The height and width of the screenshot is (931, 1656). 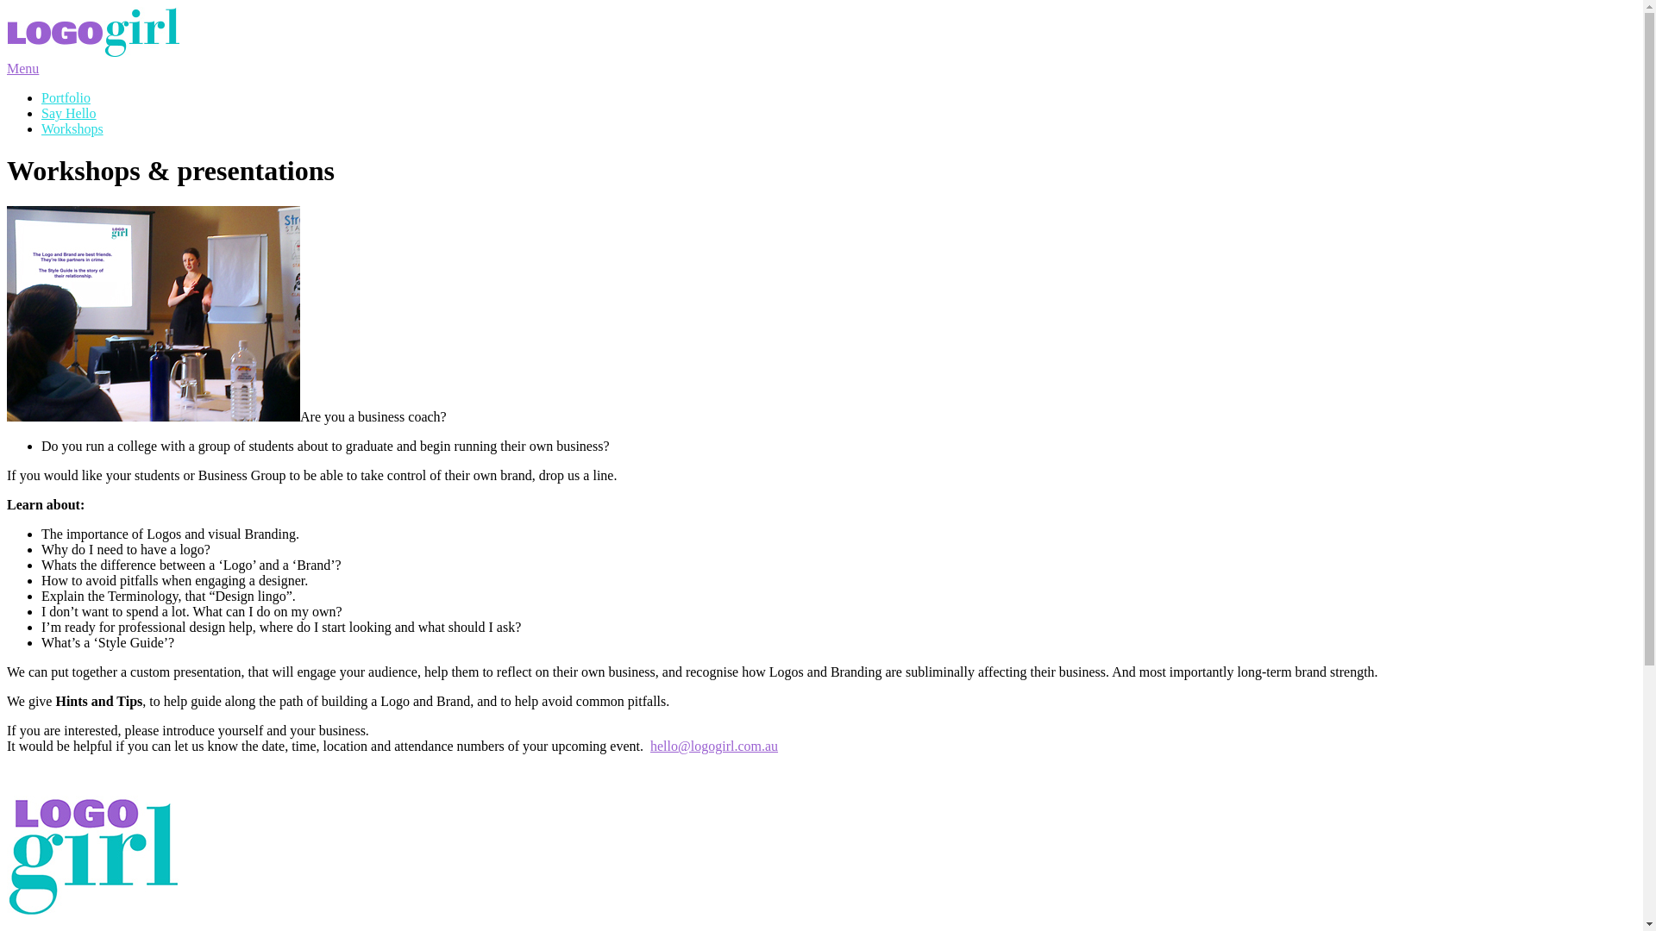 I want to click on 'hello@logogirl.com.au', so click(x=649, y=745).